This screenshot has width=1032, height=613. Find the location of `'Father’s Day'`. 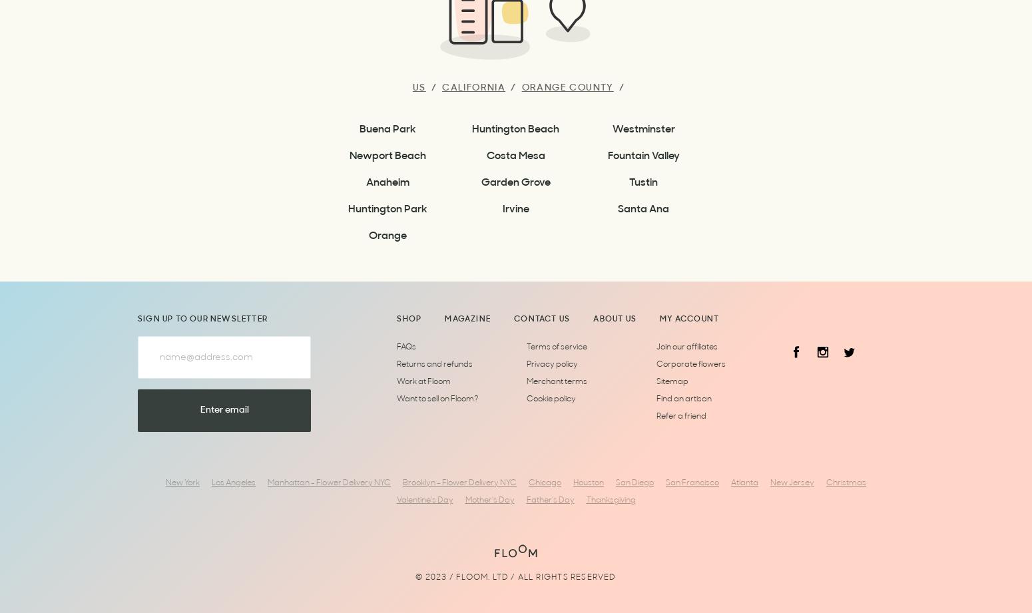

'Father’s Day' is located at coordinates (549, 500).